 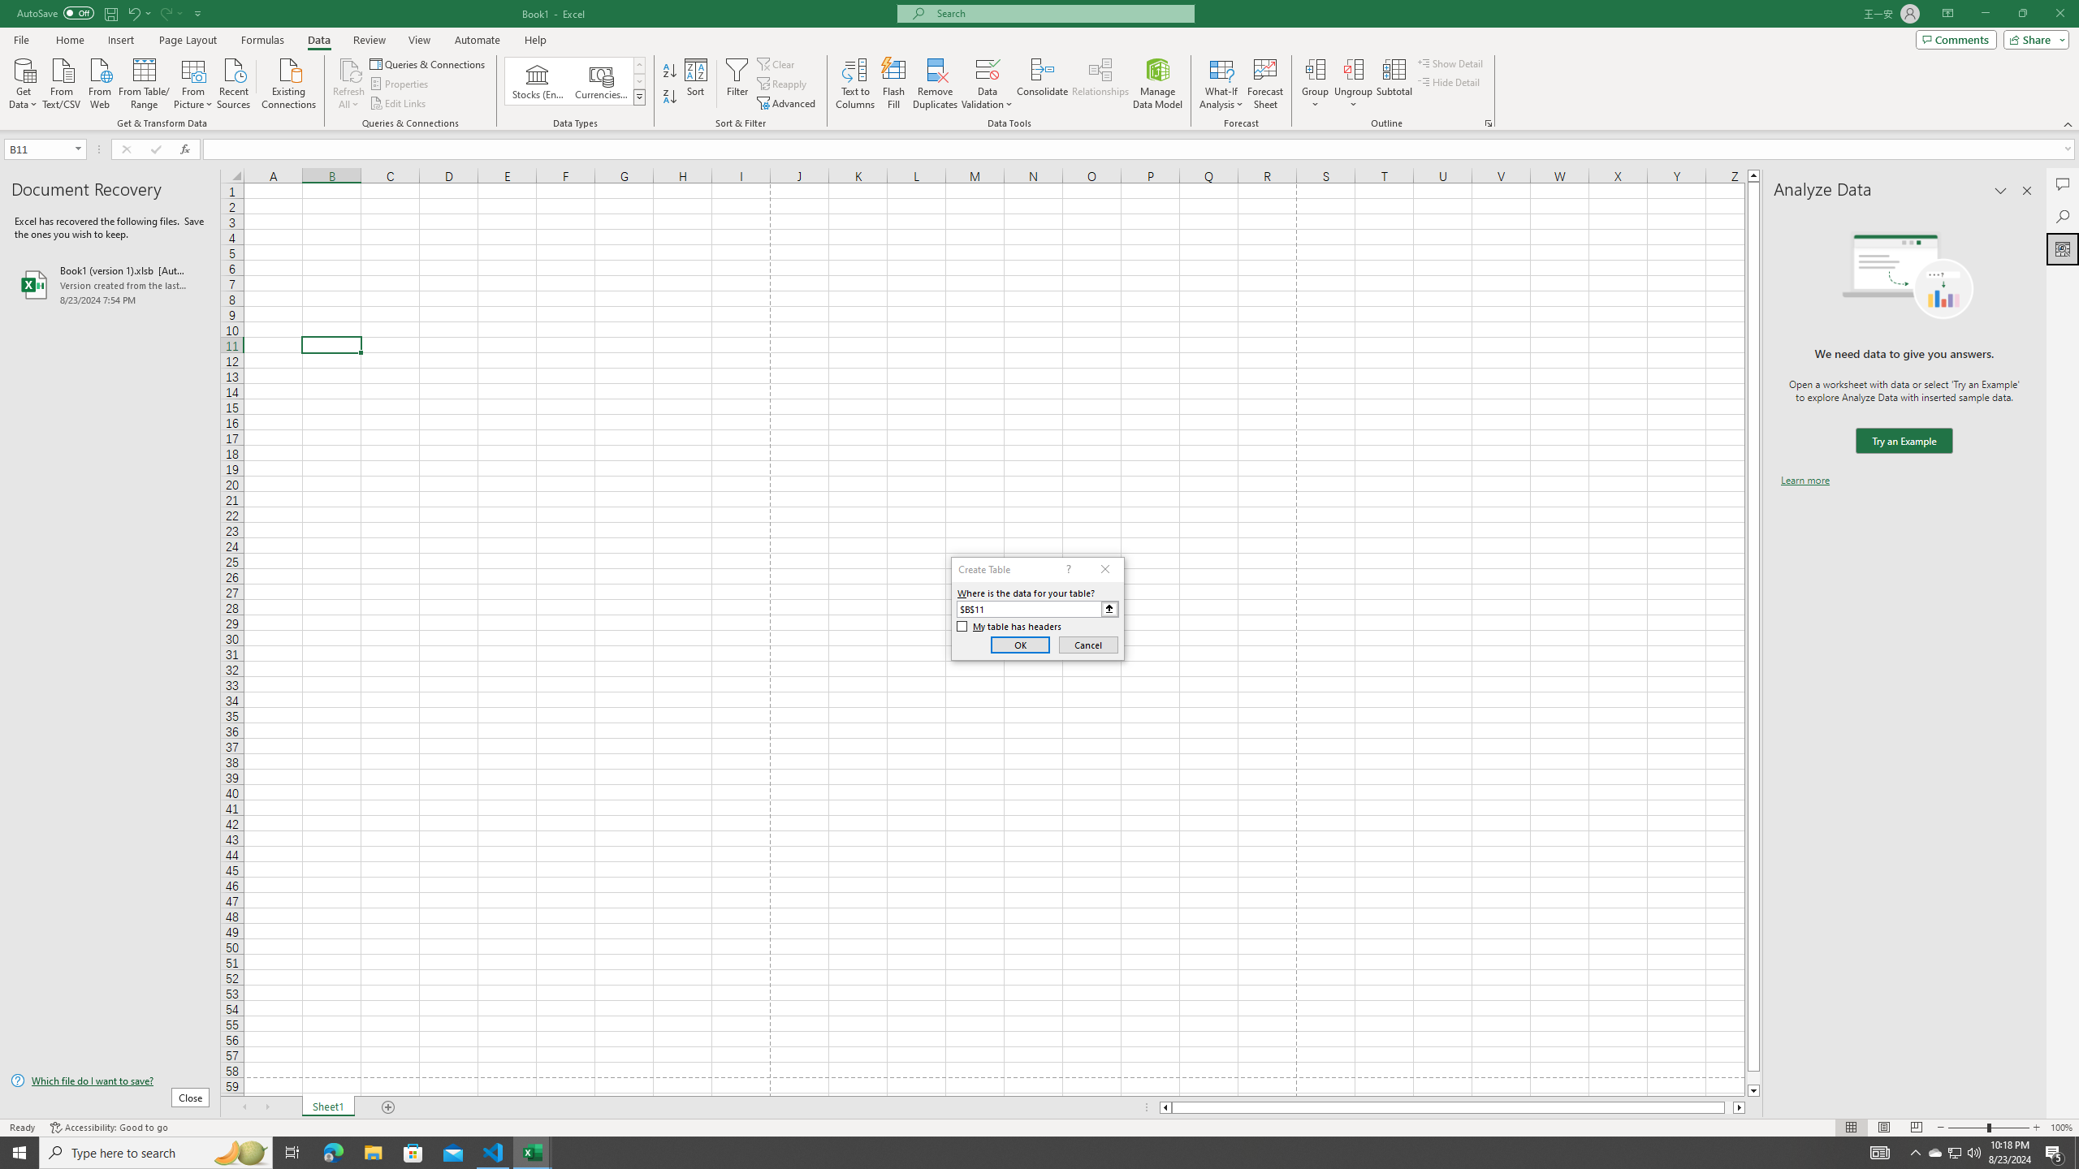 What do you see at coordinates (1042, 84) in the screenshot?
I see `'Consolidate...'` at bounding box center [1042, 84].